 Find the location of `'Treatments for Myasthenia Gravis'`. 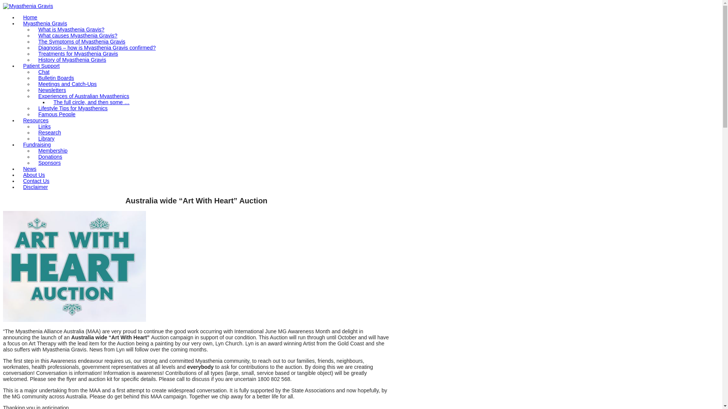

'Treatments for Myasthenia Gravis' is located at coordinates (78, 53).